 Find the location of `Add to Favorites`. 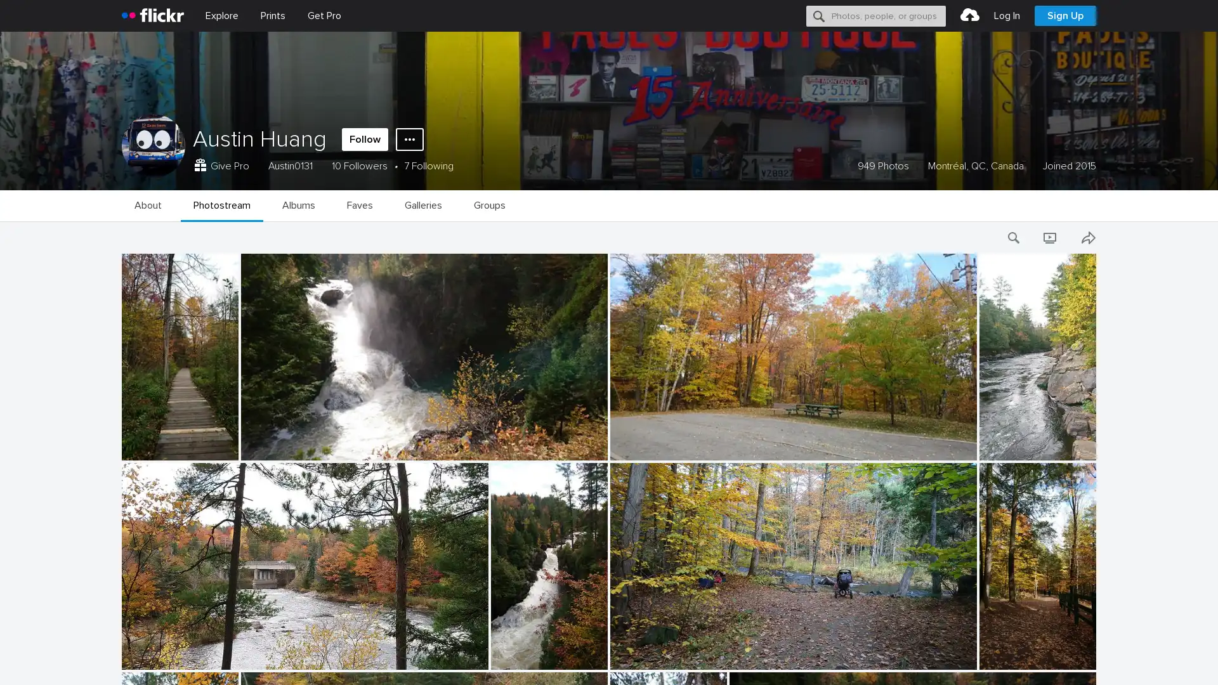

Add to Favorites is located at coordinates (122, 447).